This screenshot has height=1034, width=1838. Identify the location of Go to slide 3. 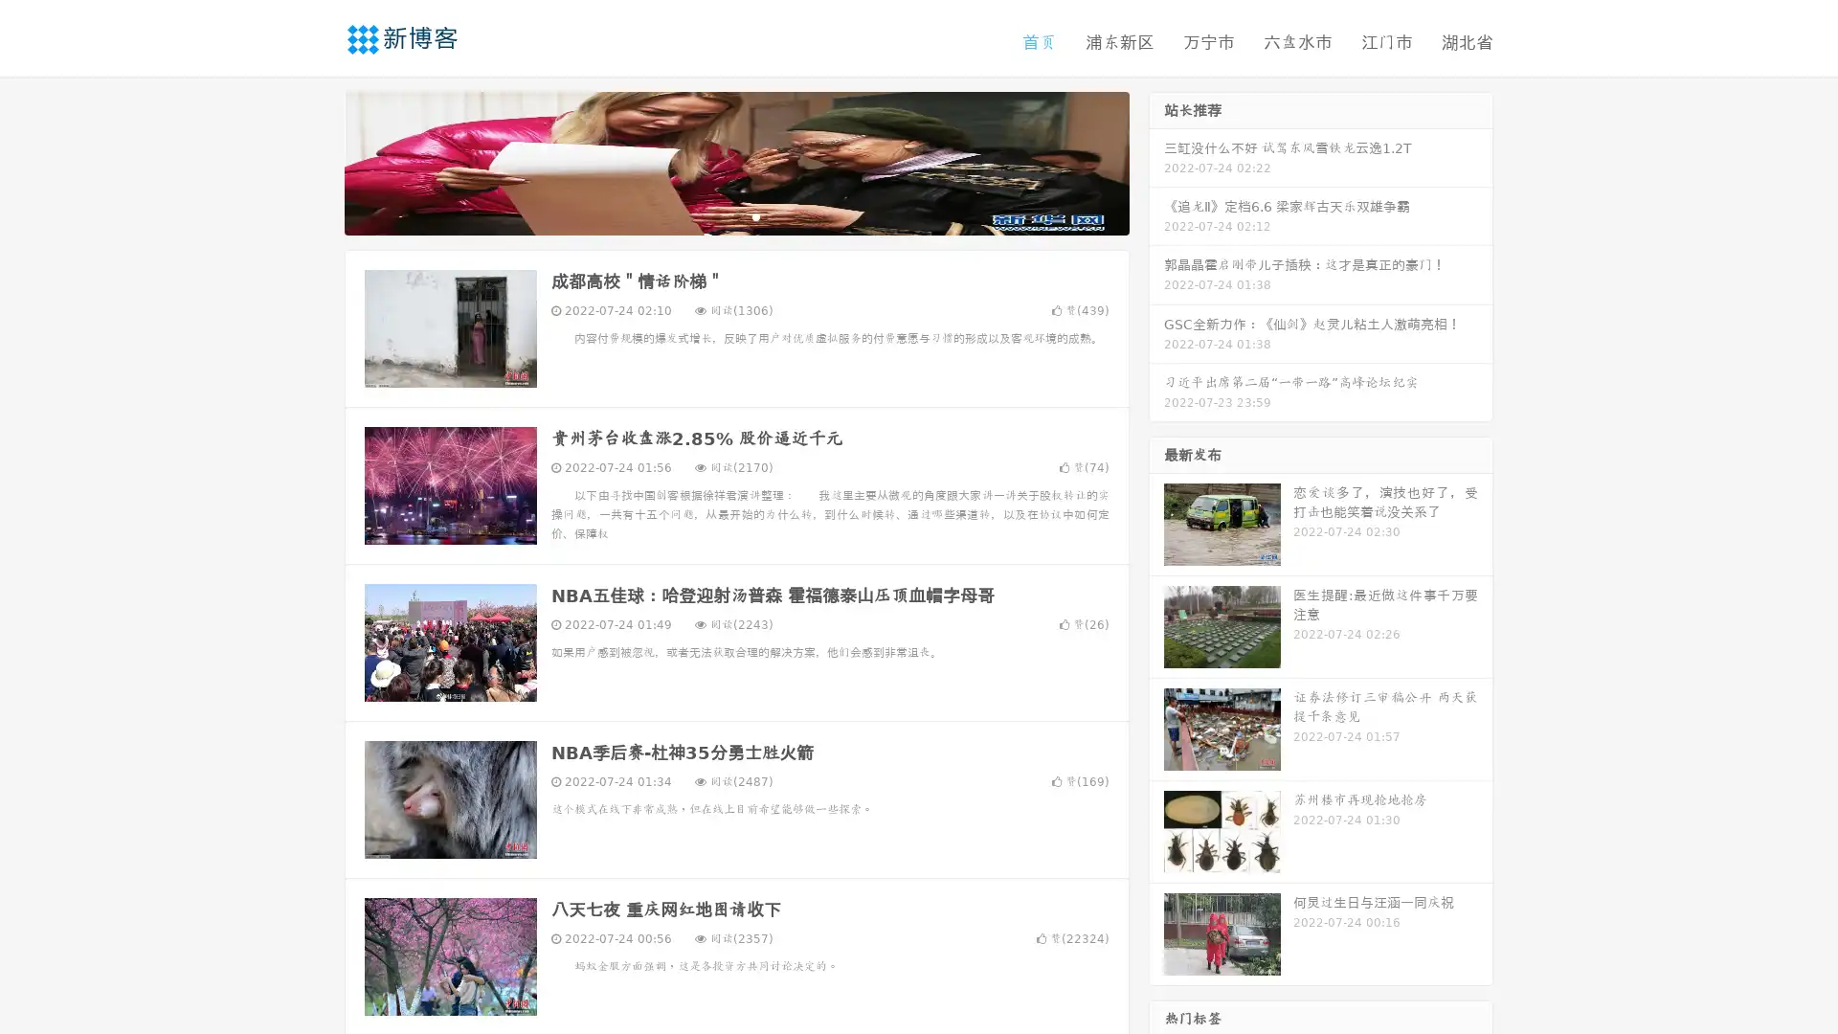
(755, 215).